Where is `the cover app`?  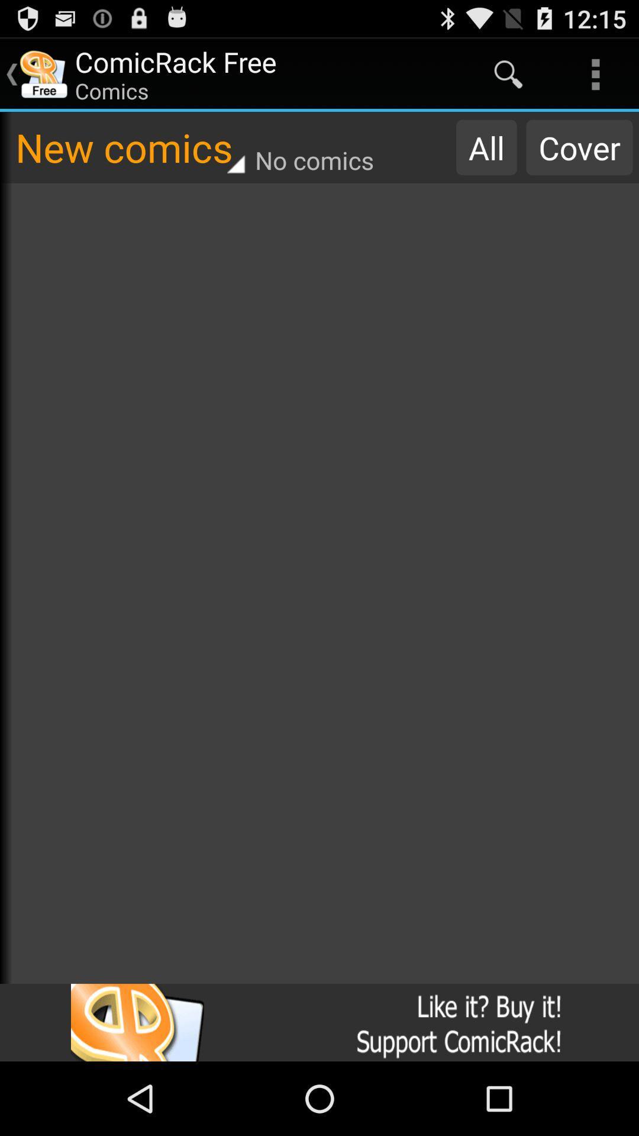
the cover app is located at coordinates (579, 147).